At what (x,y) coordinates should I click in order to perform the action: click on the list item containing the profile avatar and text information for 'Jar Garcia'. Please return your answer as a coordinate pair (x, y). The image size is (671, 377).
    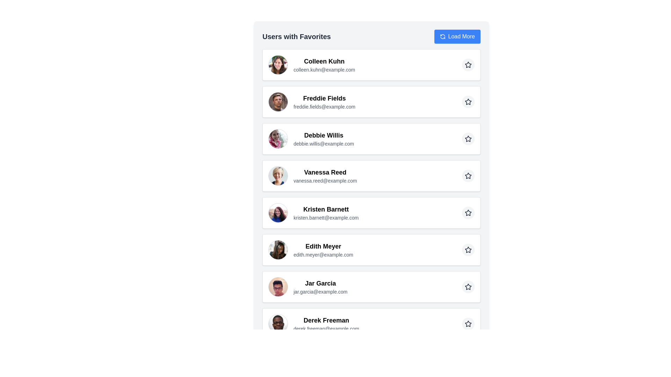
    Looking at the image, I should click on (308, 287).